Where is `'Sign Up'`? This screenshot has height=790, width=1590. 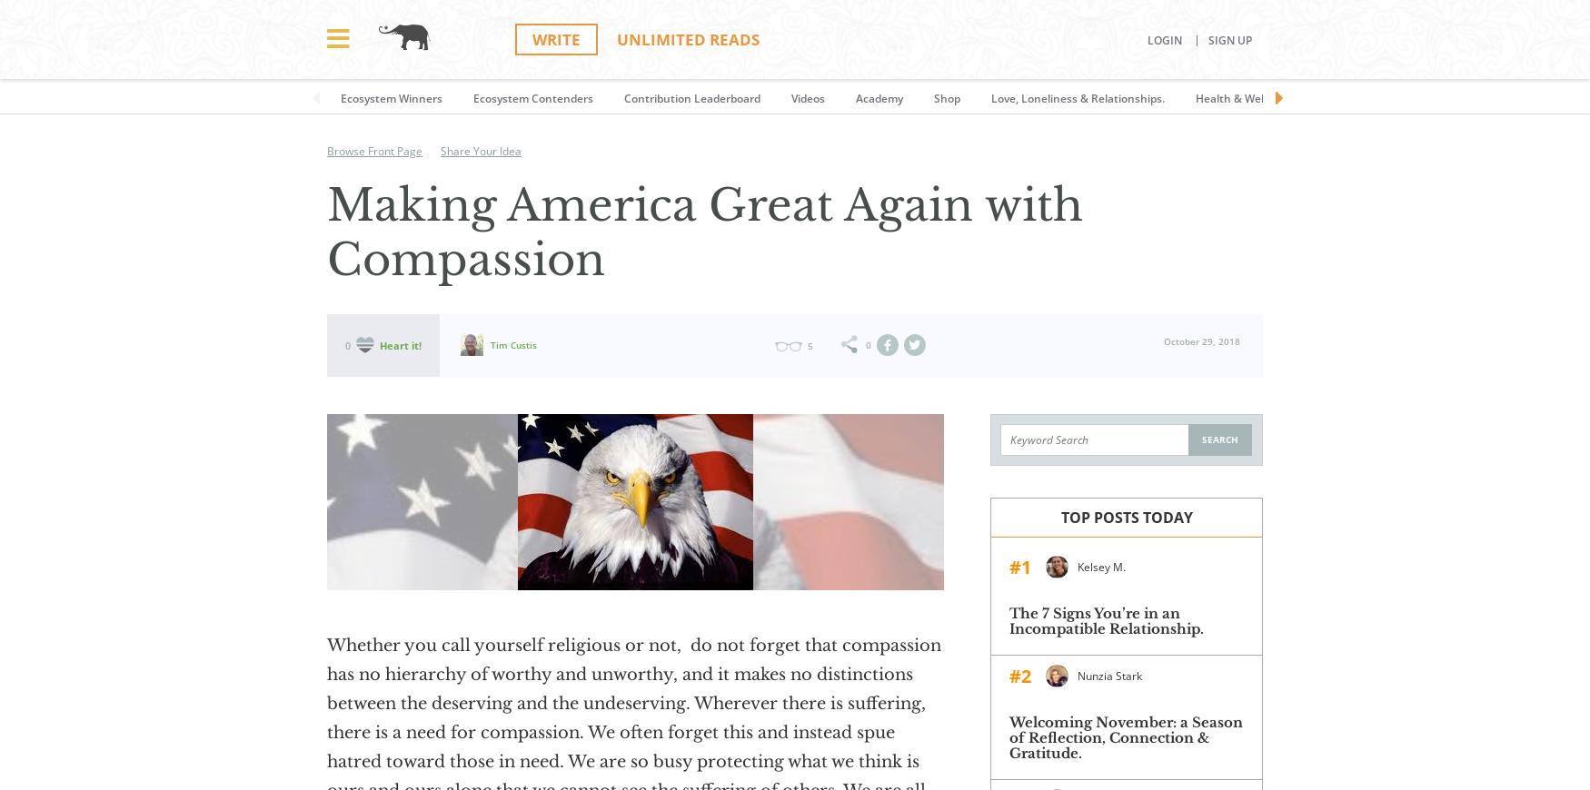 'Sign Up' is located at coordinates (1229, 39).